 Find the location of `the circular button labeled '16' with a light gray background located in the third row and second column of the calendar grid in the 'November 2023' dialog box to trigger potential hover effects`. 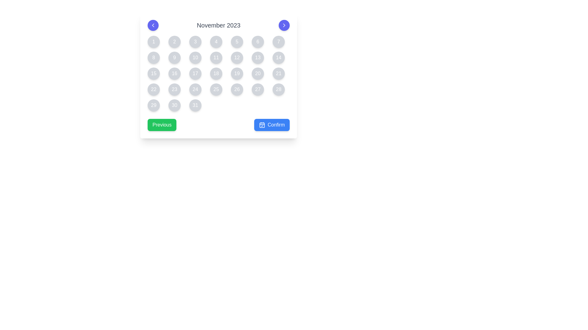

the circular button labeled '16' with a light gray background located in the third row and second column of the calendar grid in the 'November 2023' dialog box to trigger potential hover effects is located at coordinates (174, 73).